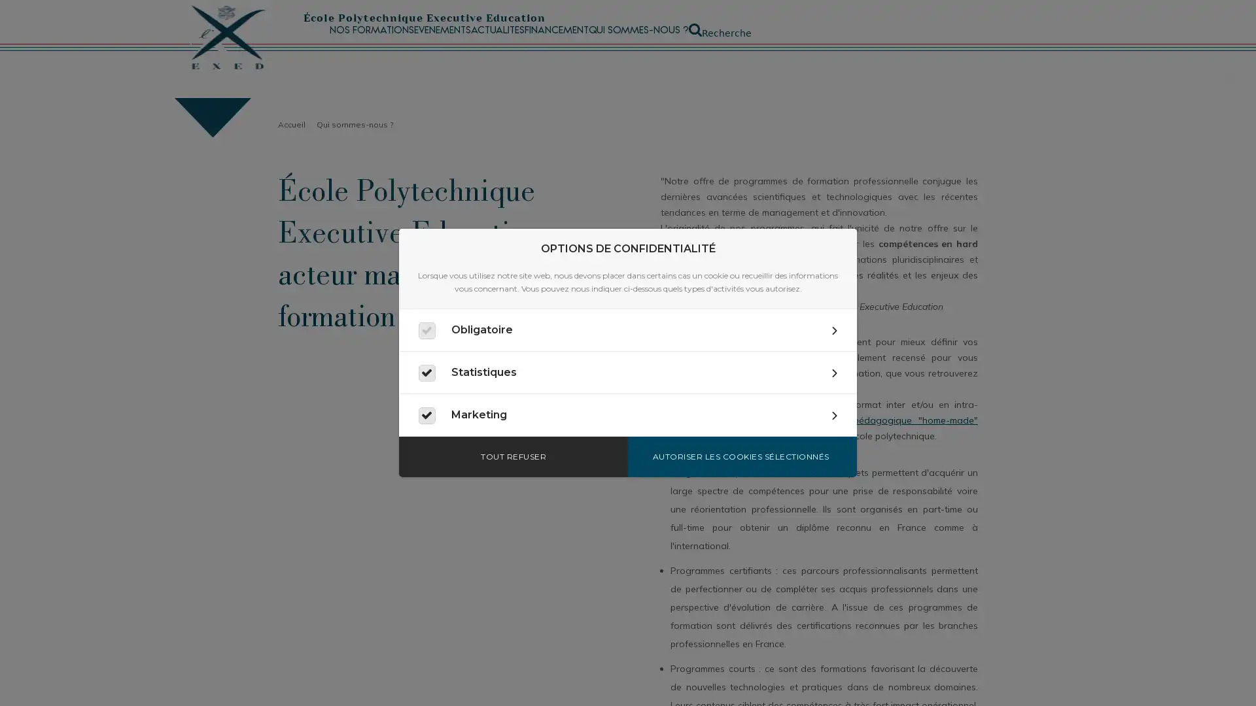 Image resolution: width=1256 pixels, height=706 pixels. Describe the element at coordinates (773, 216) in the screenshot. I see `Appliquer` at that location.